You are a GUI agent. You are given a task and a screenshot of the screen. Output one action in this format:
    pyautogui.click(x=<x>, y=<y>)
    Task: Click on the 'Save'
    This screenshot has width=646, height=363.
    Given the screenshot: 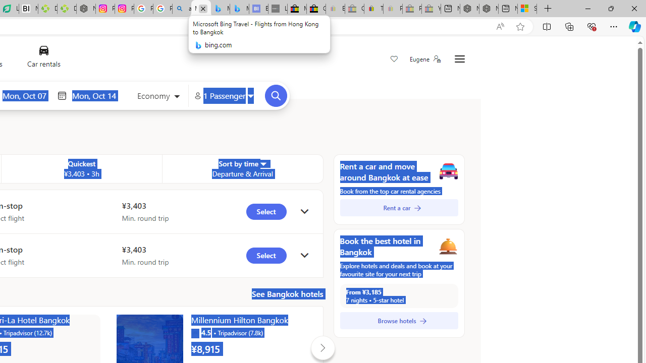 What is the action you would take?
    pyautogui.click(x=393, y=59)
    